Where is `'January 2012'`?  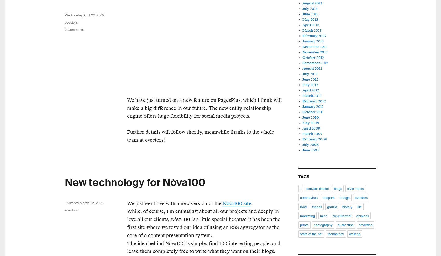
'January 2012' is located at coordinates (313, 106).